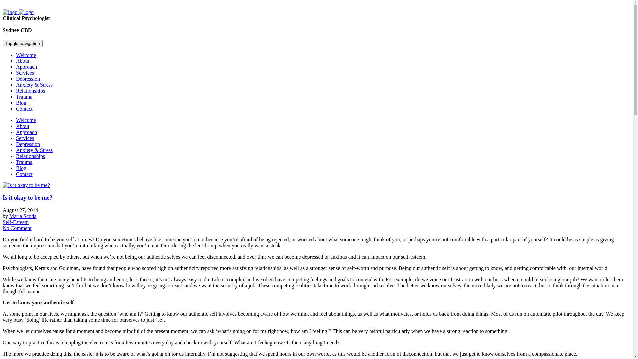 Image resolution: width=638 pixels, height=359 pixels. I want to click on 'Blog', so click(21, 103).